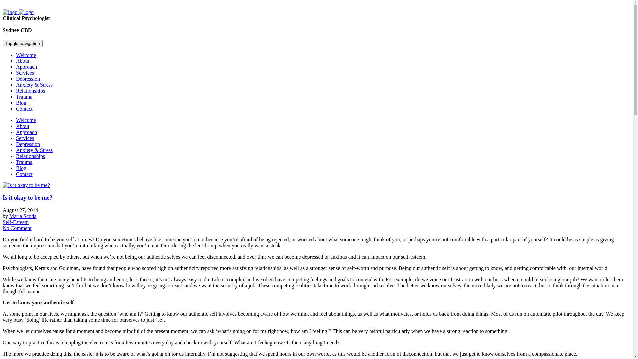 Image resolution: width=638 pixels, height=359 pixels. I want to click on 'Blog', so click(21, 103).